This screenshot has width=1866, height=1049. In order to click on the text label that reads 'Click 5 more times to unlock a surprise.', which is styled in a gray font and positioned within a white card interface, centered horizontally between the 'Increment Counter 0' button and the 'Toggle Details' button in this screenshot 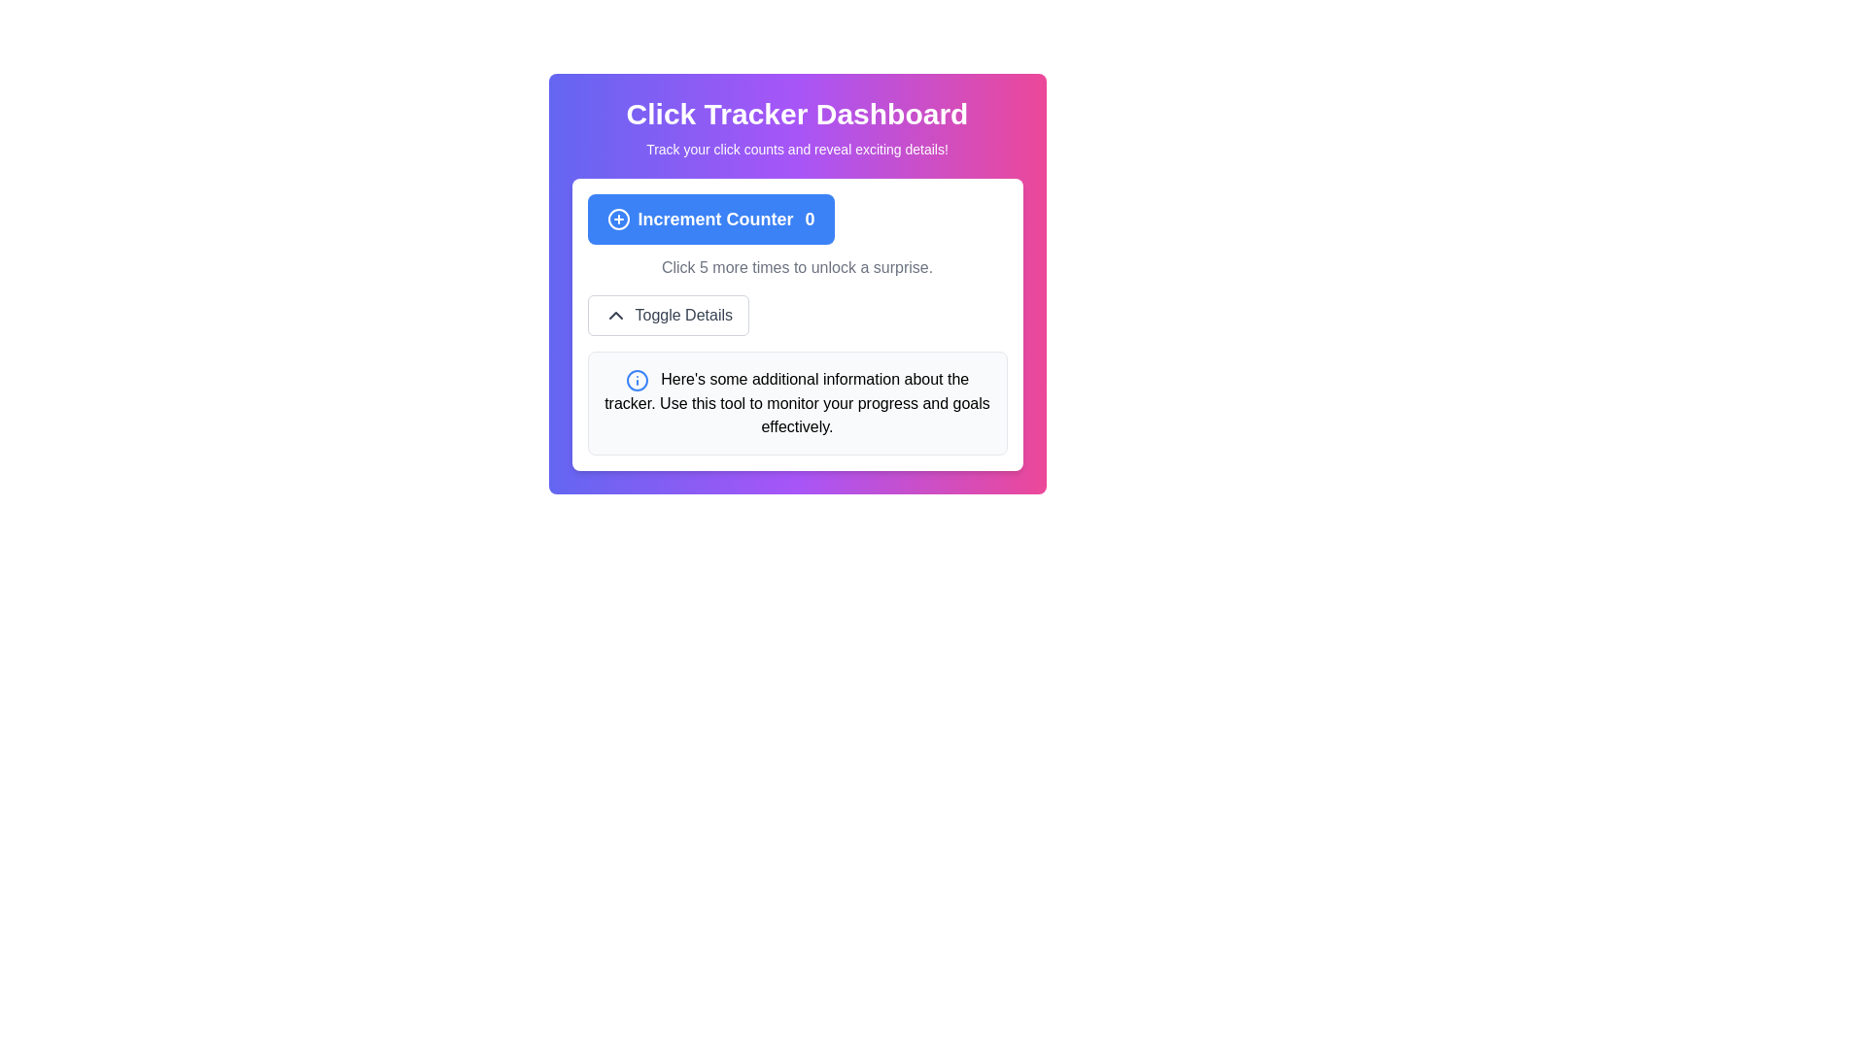, I will do `click(797, 268)`.